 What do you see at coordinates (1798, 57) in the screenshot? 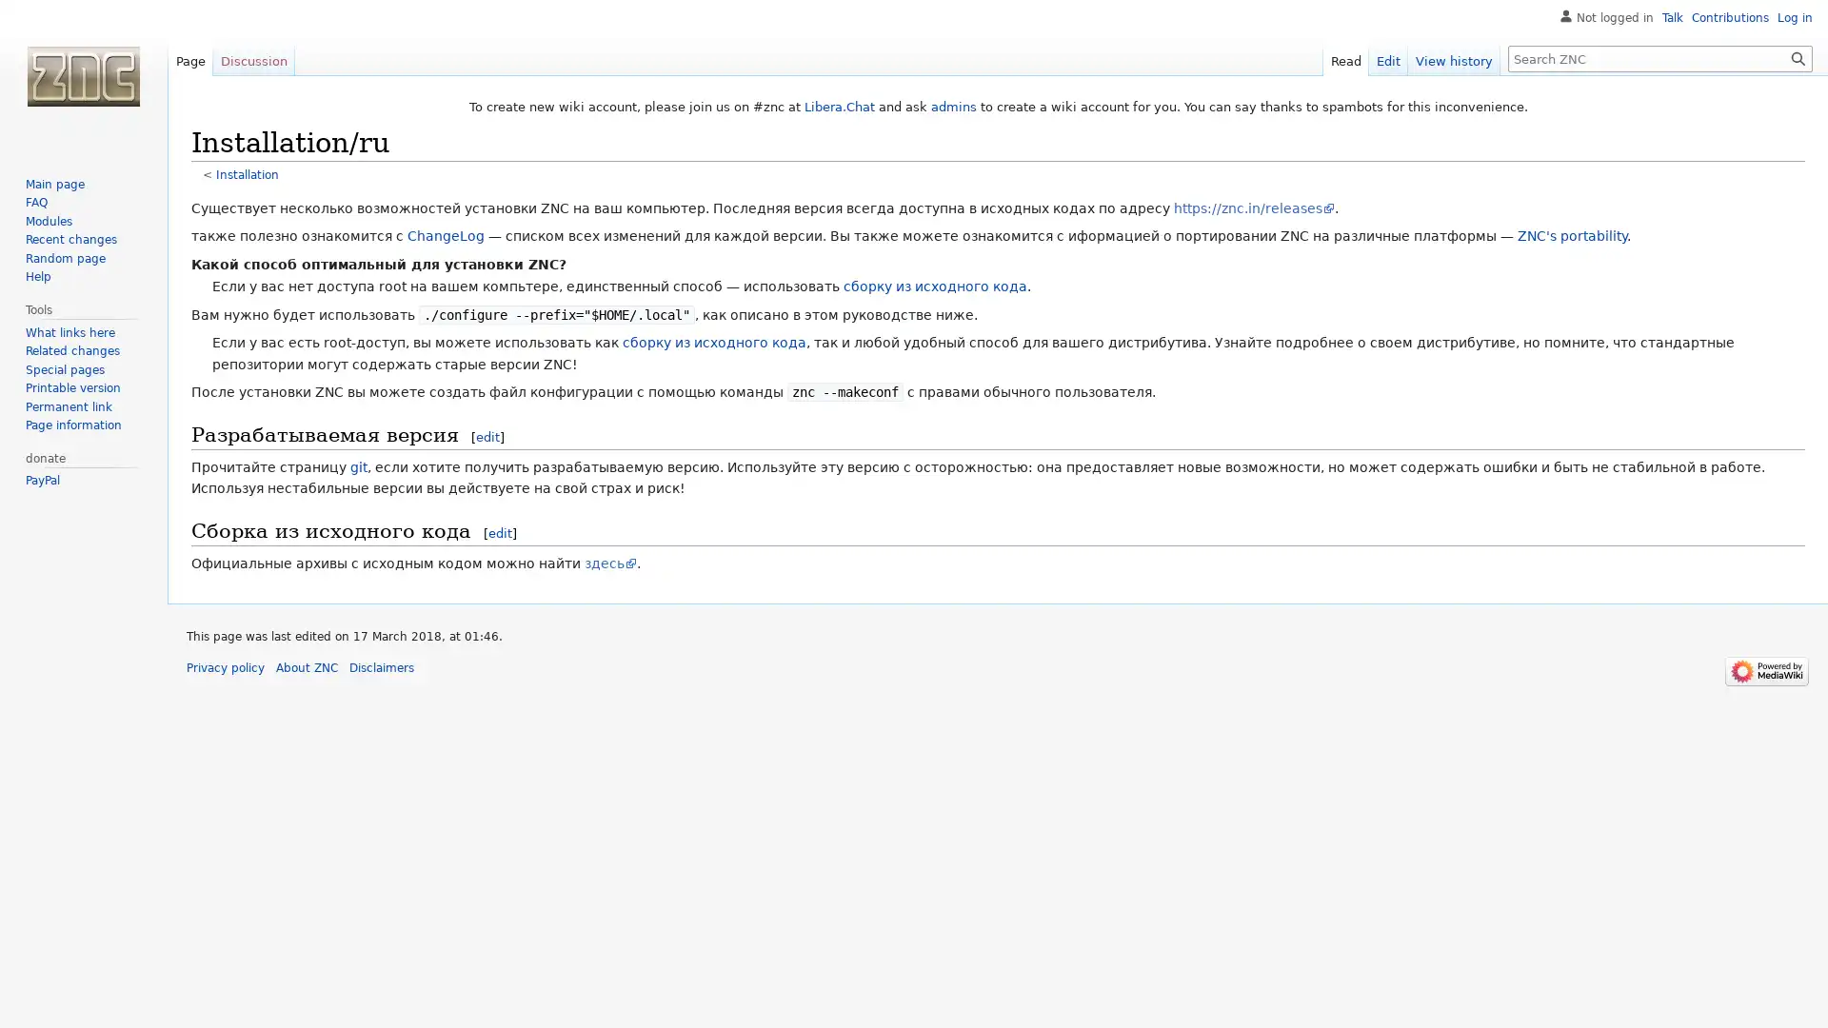
I see `Go` at bounding box center [1798, 57].